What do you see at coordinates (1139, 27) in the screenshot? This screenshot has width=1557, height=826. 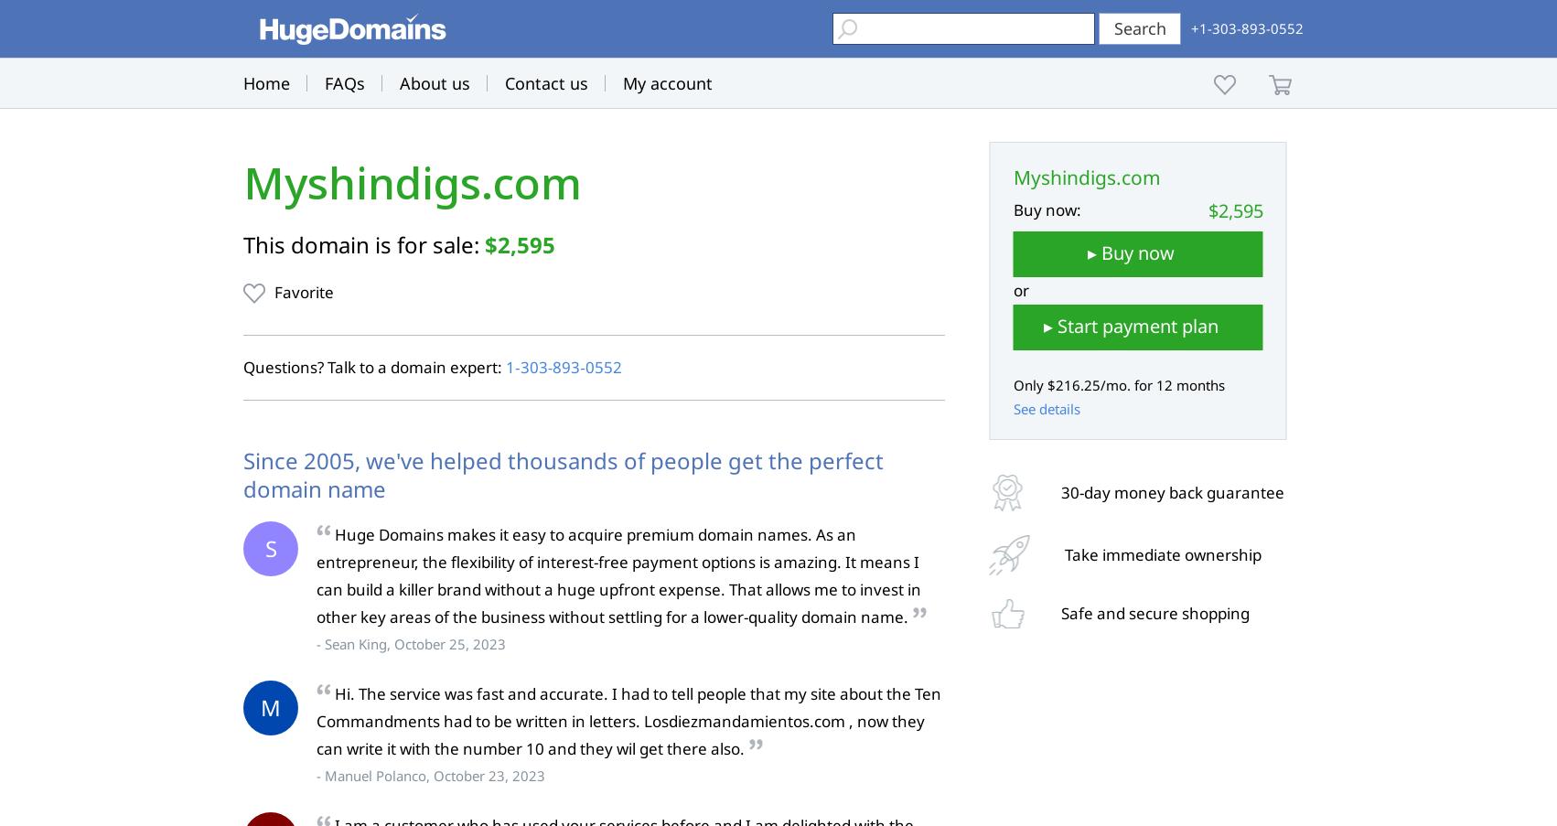 I see `'Search'` at bounding box center [1139, 27].